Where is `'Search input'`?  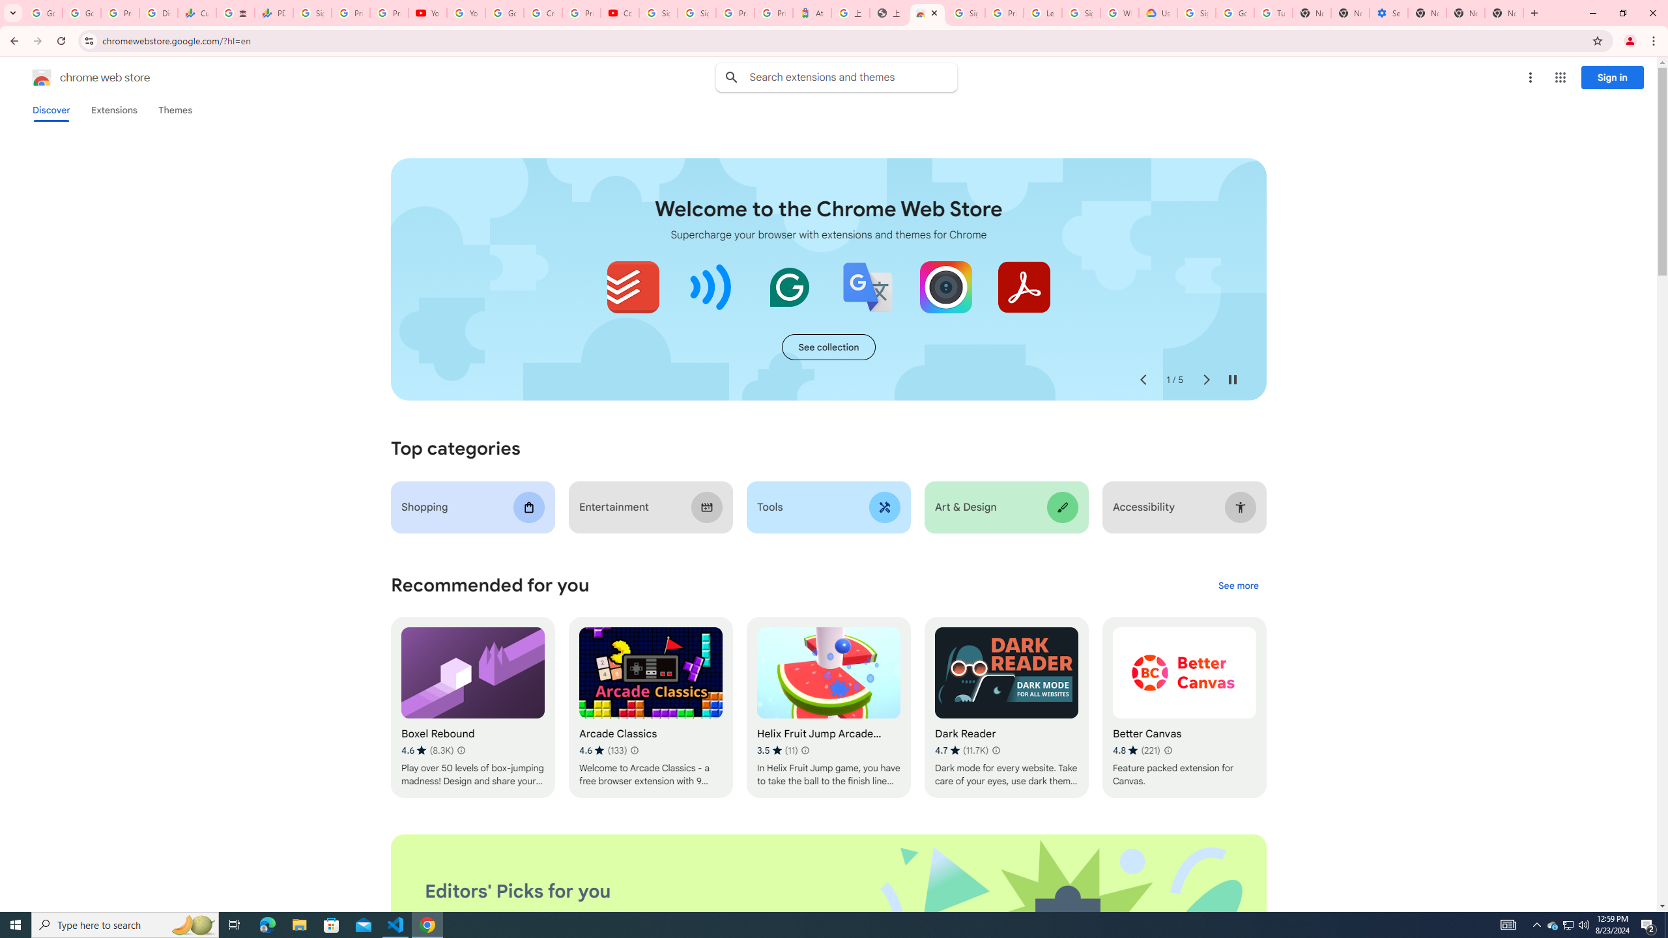
'Search input' is located at coordinates (852, 77).